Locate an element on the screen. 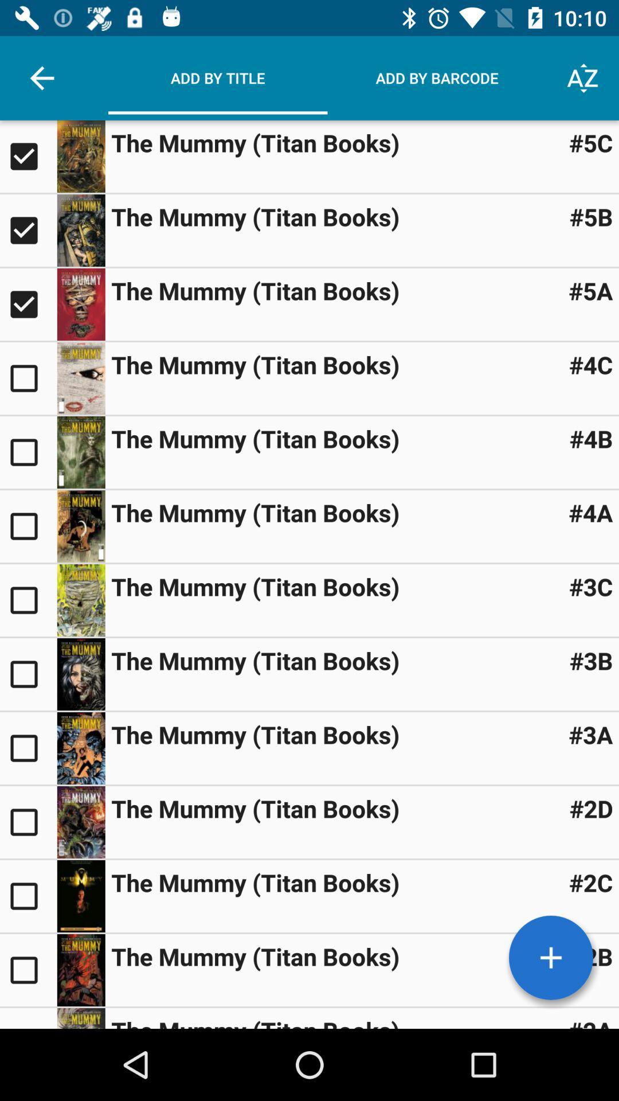 This screenshot has width=619, height=1101. image is located at coordinates (80, 969).